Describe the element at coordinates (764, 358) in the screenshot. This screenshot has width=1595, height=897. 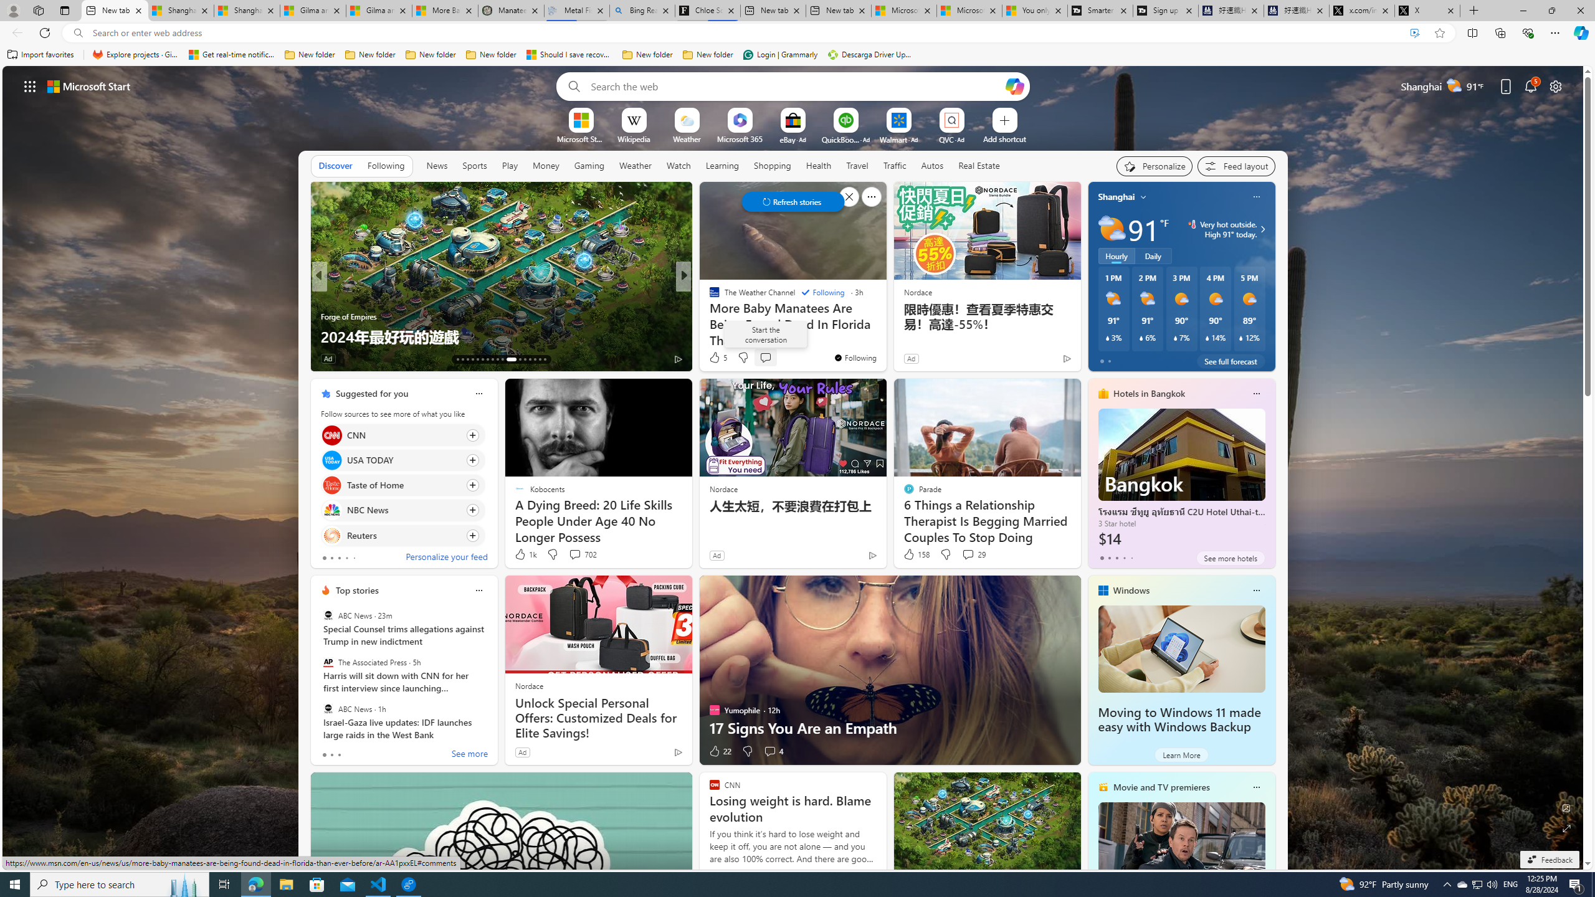
I see `'View comments 2 Comment'` at that location.